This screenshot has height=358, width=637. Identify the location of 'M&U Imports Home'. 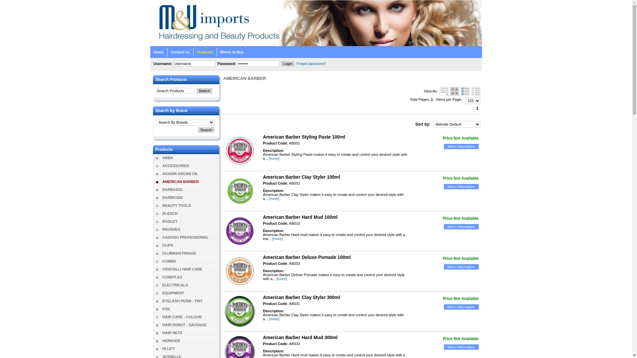
(188, 32).